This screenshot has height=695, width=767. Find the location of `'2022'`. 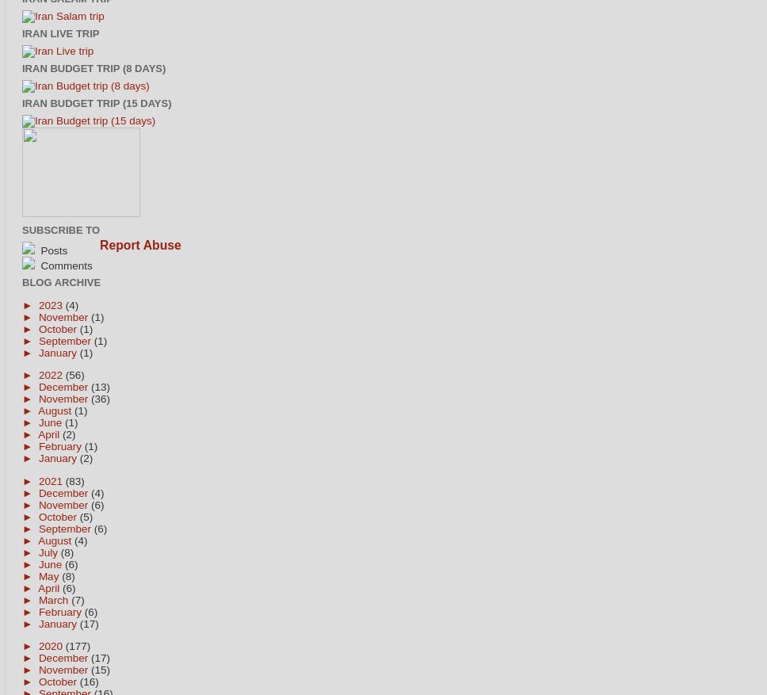

'2022' is located at coordinates (50, 375).